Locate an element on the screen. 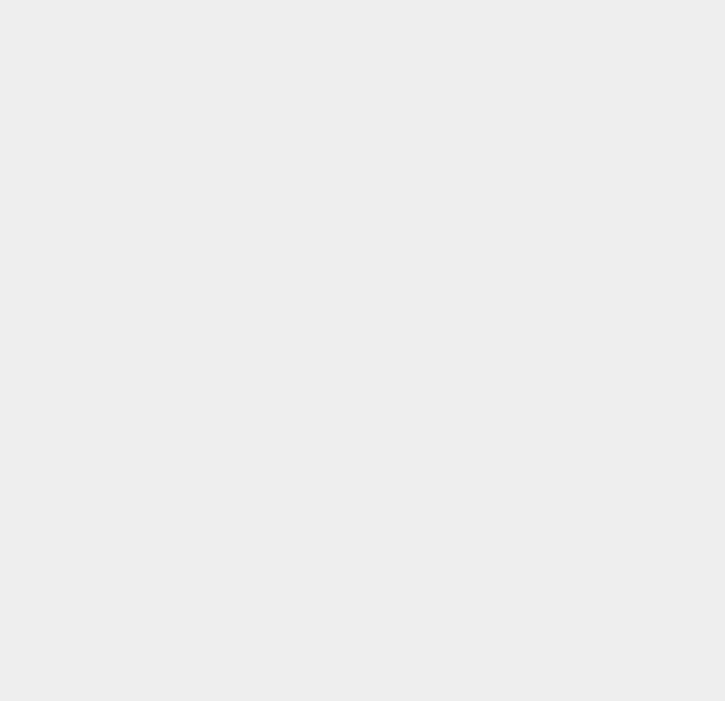 Image resolution: width=725 pixels, height=701 pixels. 'Shopping' is located at coordinates (532, 595).